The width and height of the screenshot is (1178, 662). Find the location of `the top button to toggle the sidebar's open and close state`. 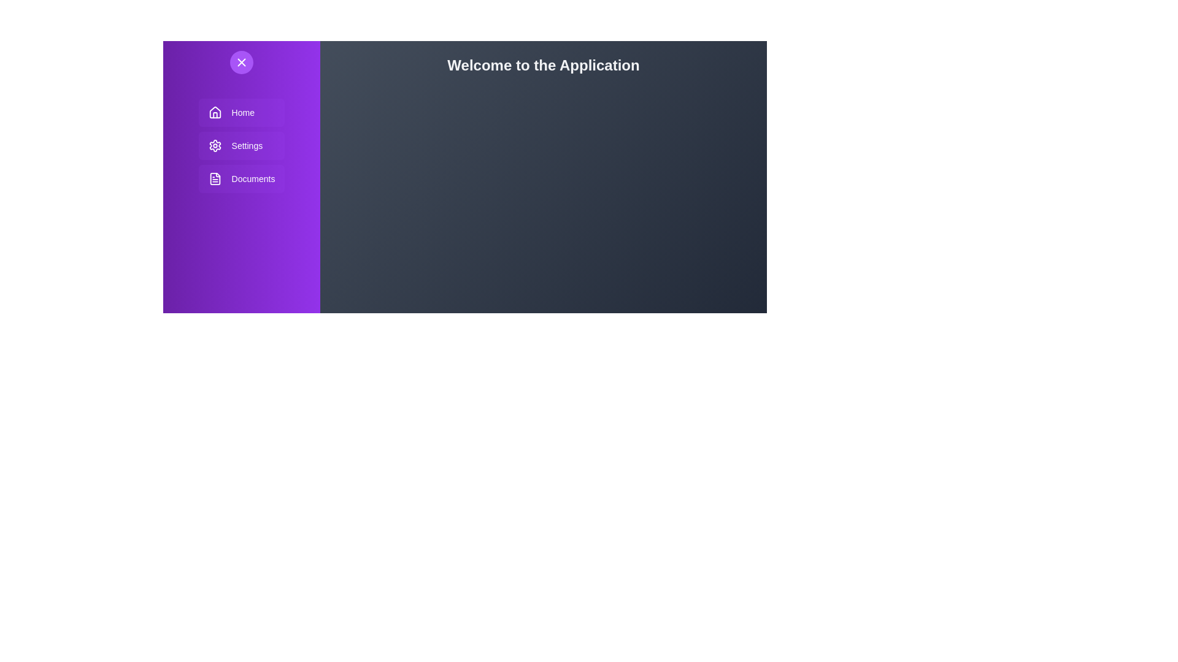

the top button to toggle the sidebar's open and close state is located at coordinates (241, 62).